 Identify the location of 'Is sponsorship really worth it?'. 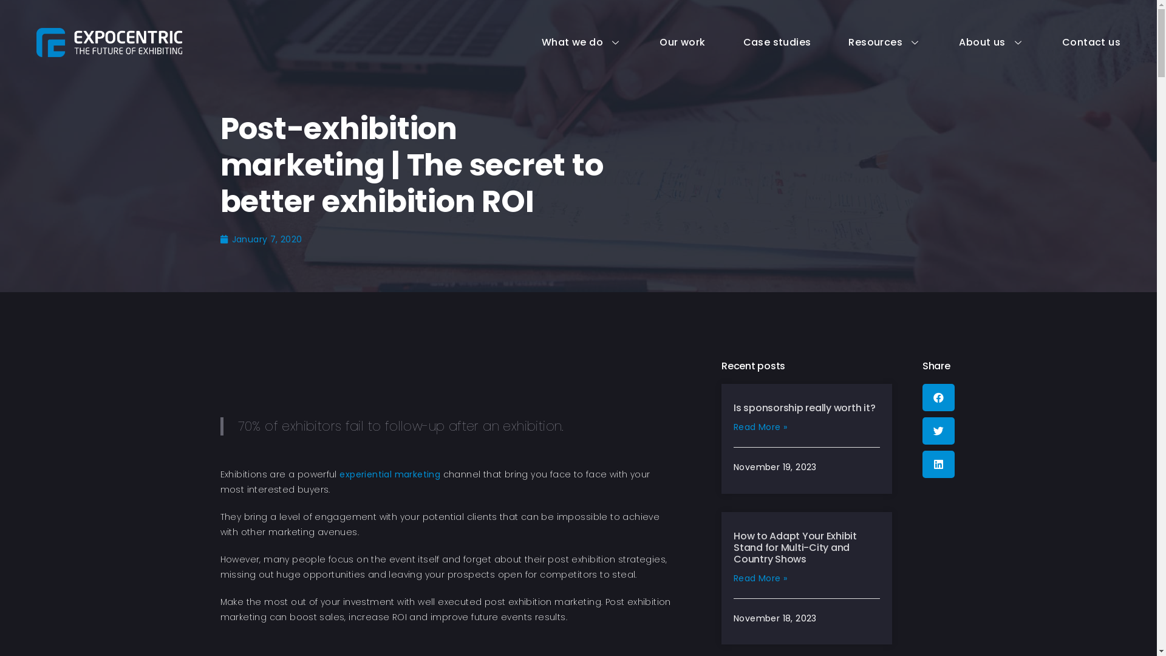
(804, 408).